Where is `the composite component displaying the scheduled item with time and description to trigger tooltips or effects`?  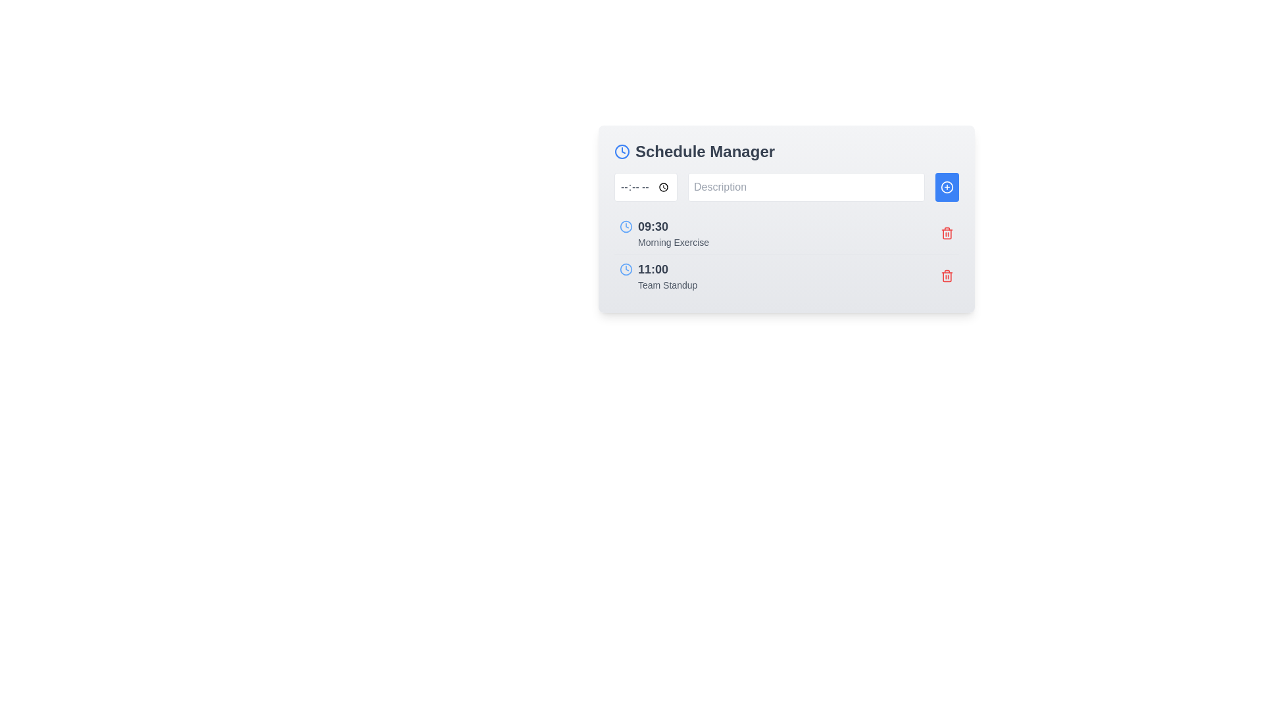 the composite component displaying the scheduled item with time and description to trigger tooltips or effects is located at coordinates (786, 232).